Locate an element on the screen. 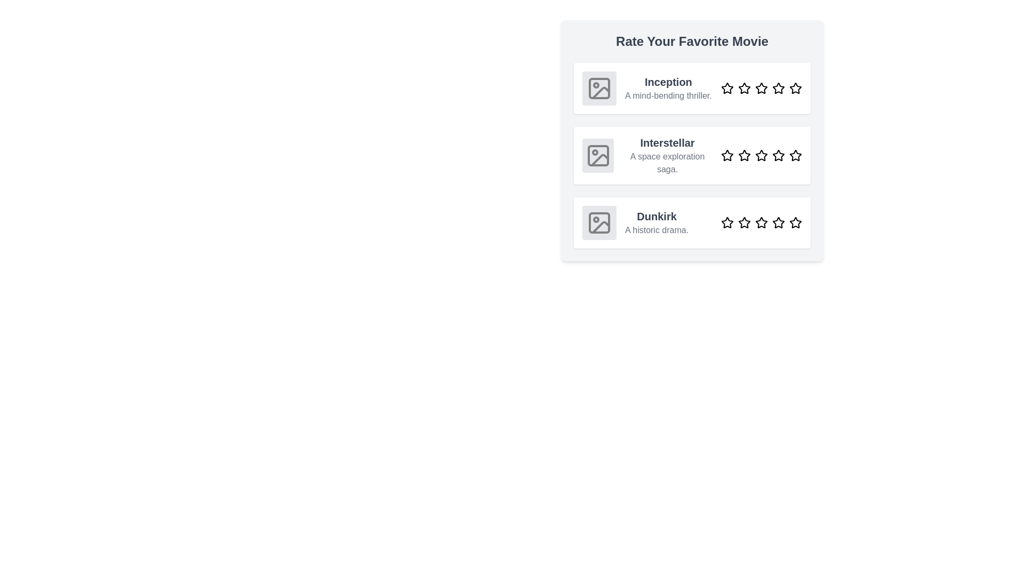 The height and width of the screenshot is (576, 1024). the second star icon in the rating row for 'Interstellar' to provide a rating is located at coordinates (744, 156).